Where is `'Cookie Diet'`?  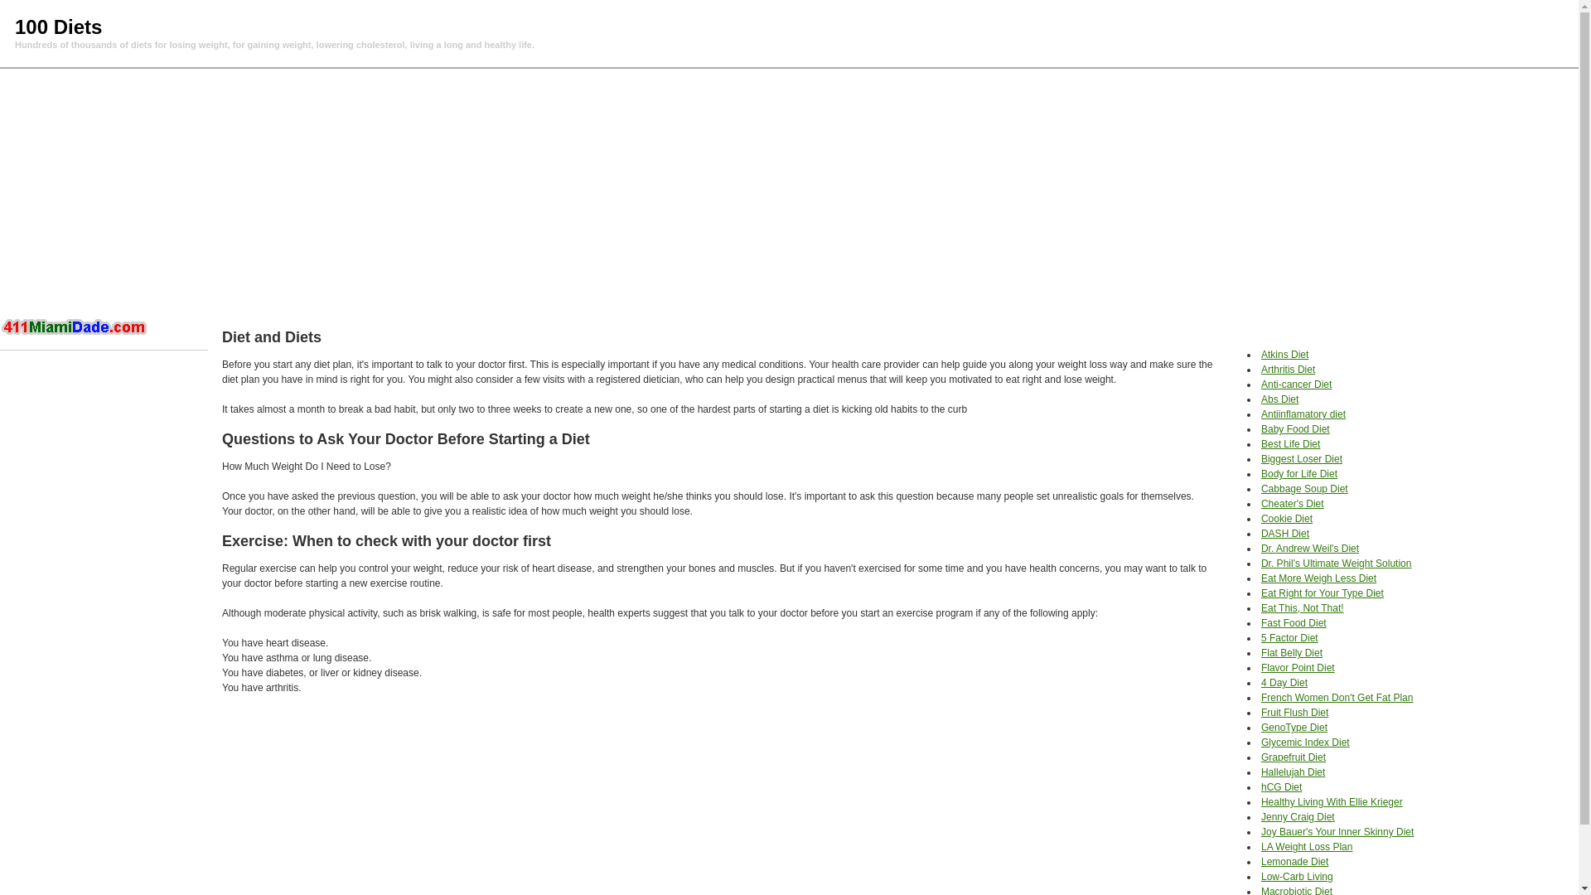
'Cookie Diet' is located at coordinates (1286, 517).